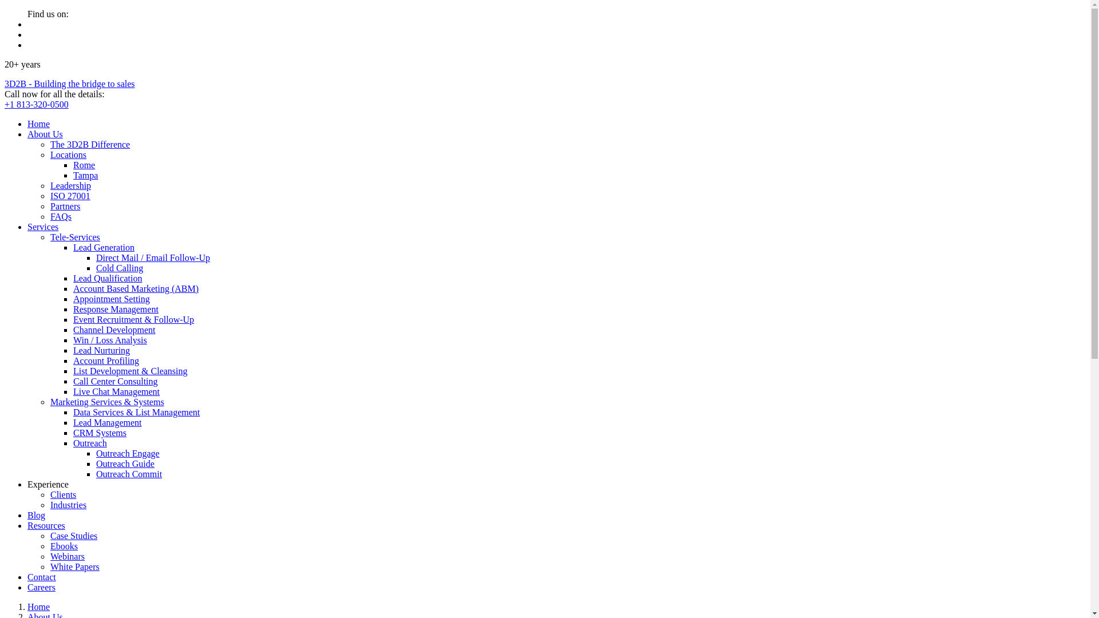 The image size is (1099, 618). I want to click on 'Account Based Marketing (ABM)', so click(73, 288).